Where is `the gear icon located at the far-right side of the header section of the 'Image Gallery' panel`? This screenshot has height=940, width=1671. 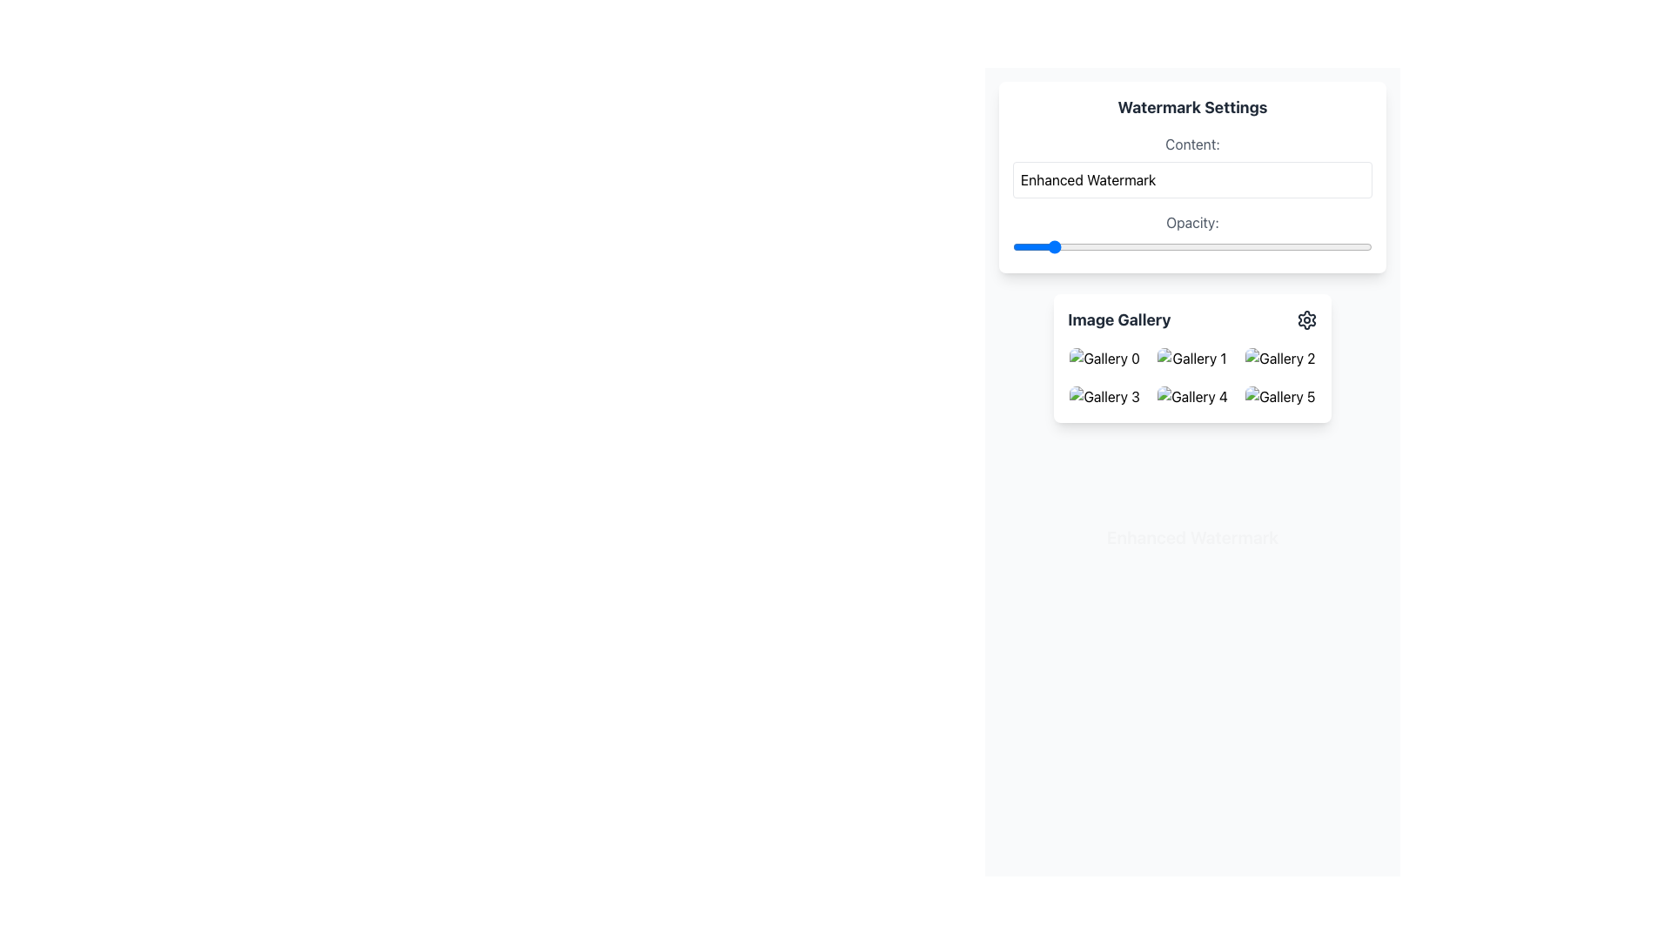 the gear icon located at the far-right side of the header section of the 'Image Gallery' panel is located at coordinates (1306, 319).